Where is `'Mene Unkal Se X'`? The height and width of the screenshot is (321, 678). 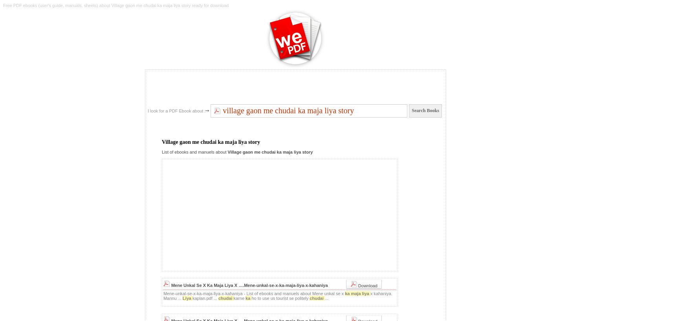 'Mene Unkal Se X' is located at coordinates (189, 285).